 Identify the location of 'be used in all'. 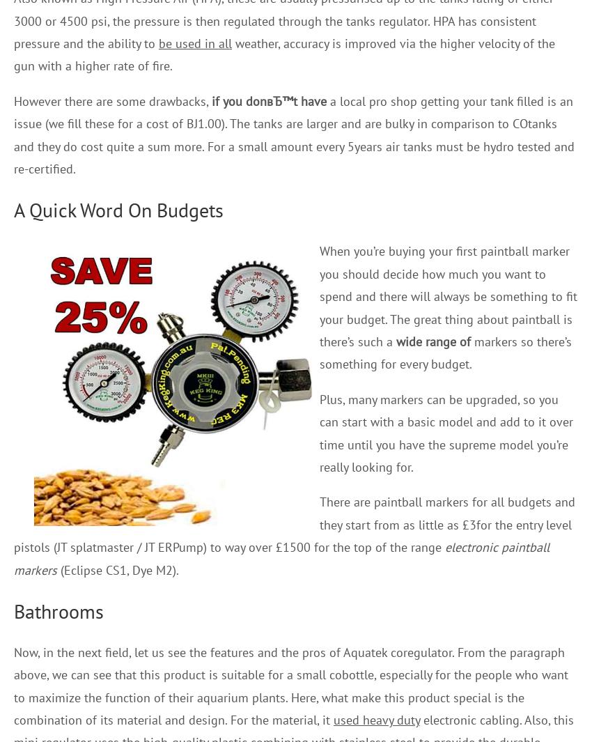
(158, 42).